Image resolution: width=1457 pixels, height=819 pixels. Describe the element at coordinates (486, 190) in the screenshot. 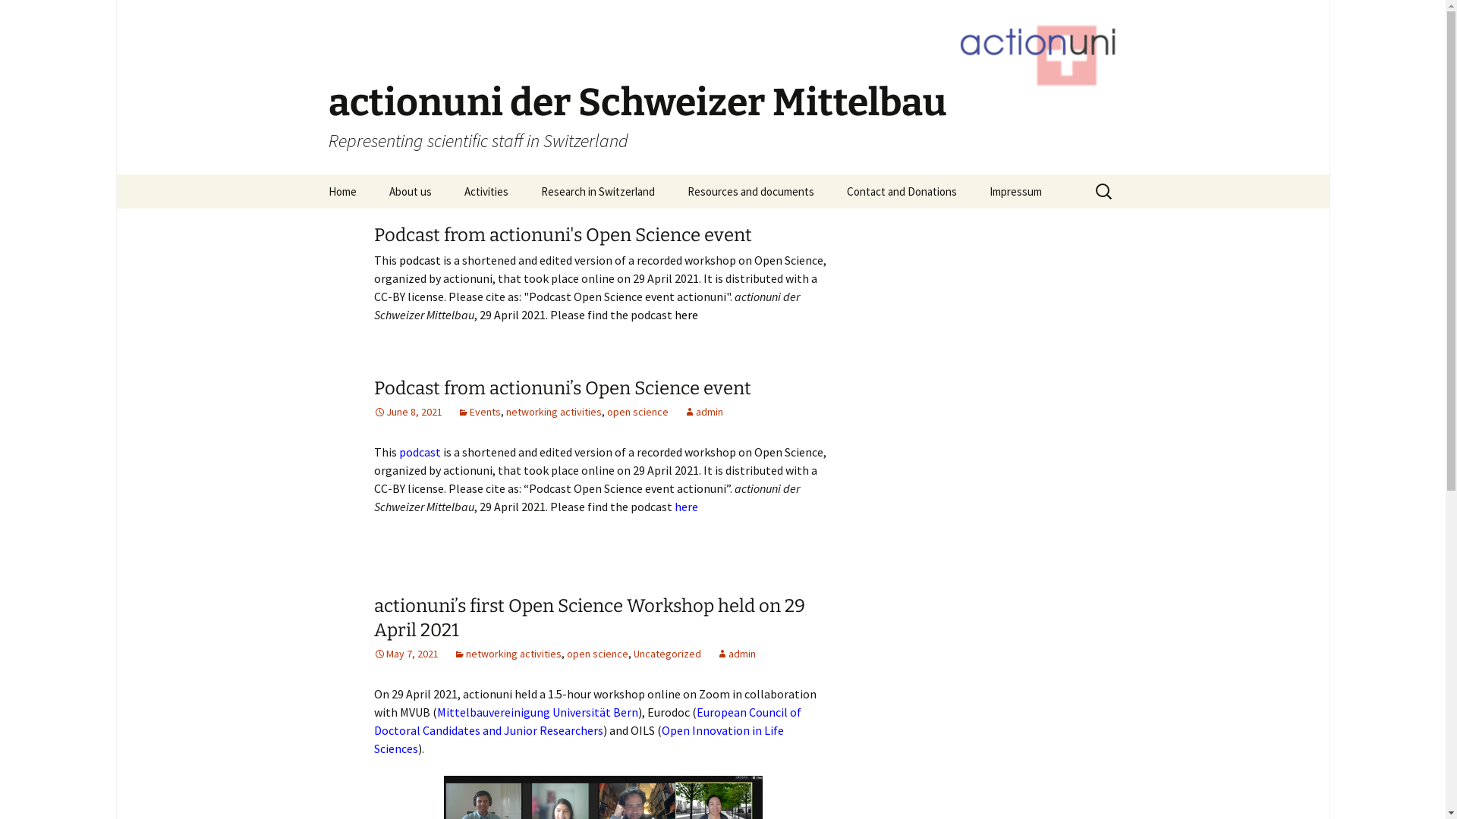

I see `'Activities'` at that location.